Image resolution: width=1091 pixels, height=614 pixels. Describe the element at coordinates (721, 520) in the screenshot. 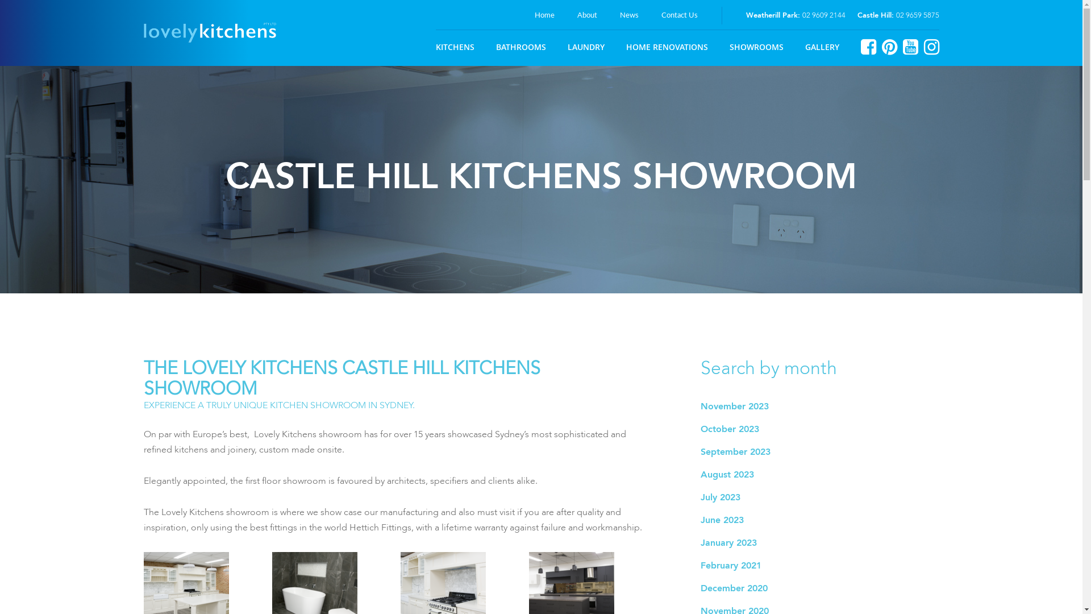

I see `'June 2023'` at that location.